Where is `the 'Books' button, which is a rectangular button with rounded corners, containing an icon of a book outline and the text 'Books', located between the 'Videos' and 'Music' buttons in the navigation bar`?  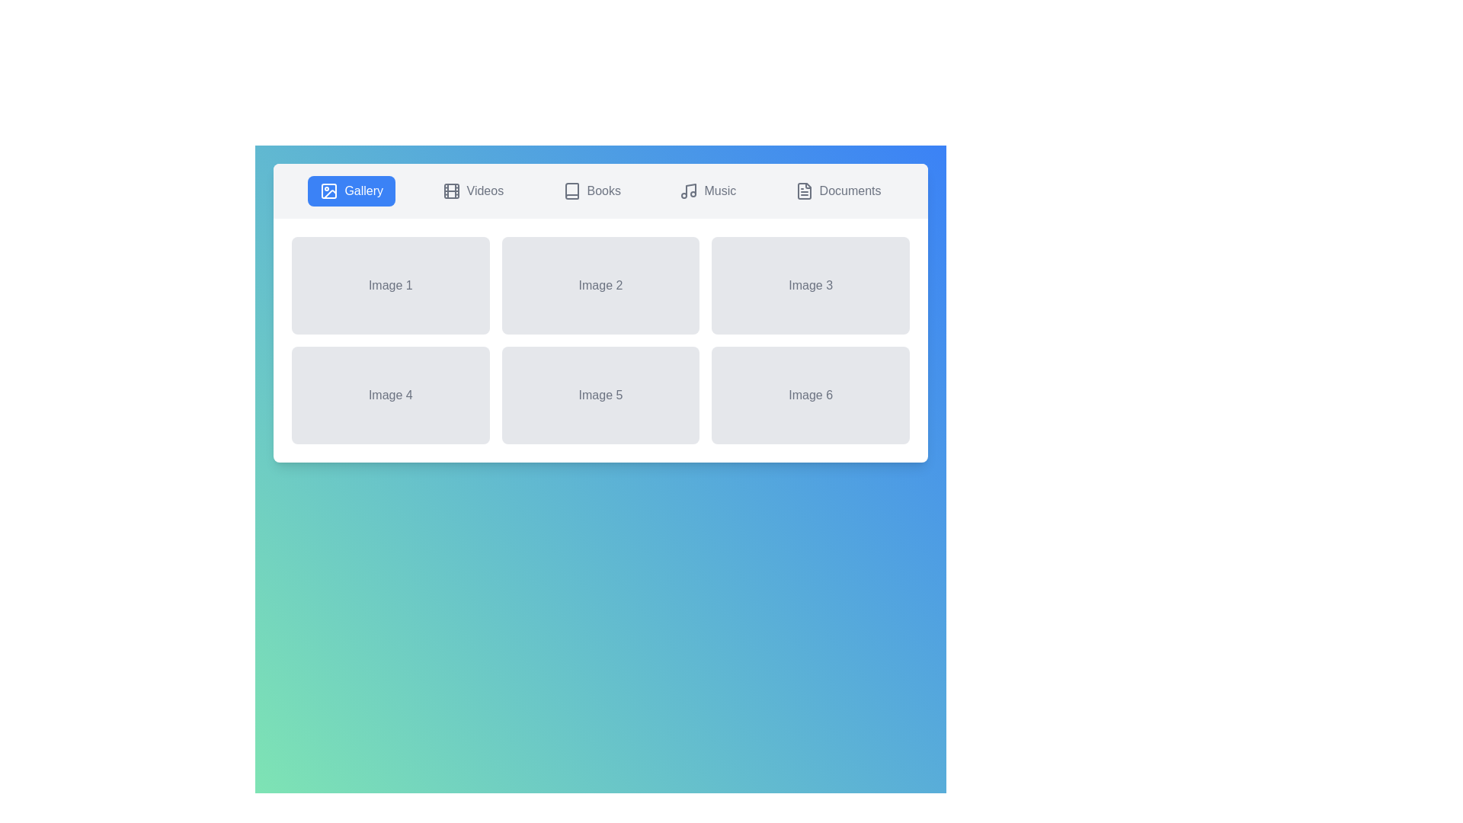 the 'Books' button, which is a rectangular button with rounded corners, containing an icon of a book outline and the text 'Books', located between the 'Videos' and 'Music' buttons in the navigation bar is located at coordinates (591, 190).